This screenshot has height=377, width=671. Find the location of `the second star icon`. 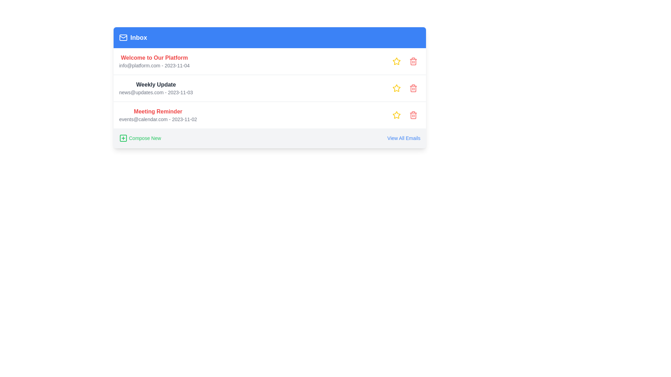

the second star icon is located at coordinates (396, 88).